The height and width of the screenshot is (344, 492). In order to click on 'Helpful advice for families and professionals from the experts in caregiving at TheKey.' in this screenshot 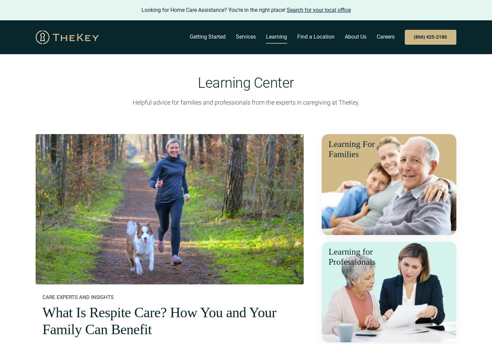, I will do `click(132, 102)`.